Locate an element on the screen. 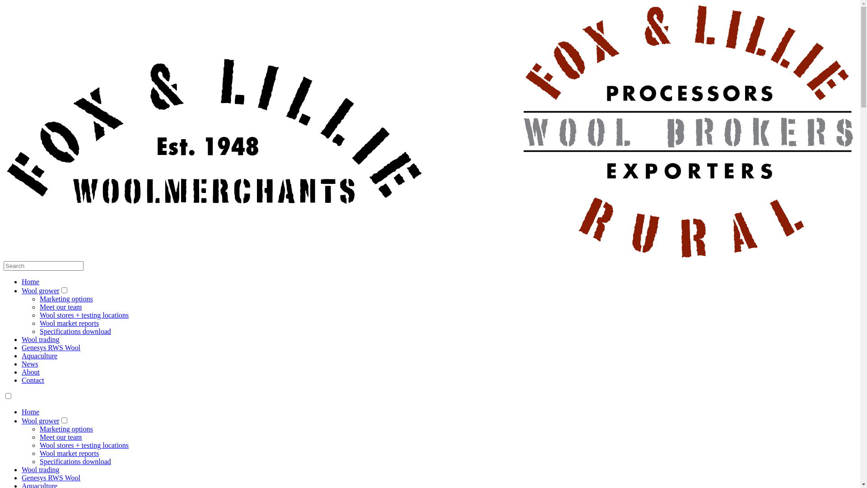 This screenshot has width=867, height=488. 'Wool grower' is located at coordinates (40, 421).